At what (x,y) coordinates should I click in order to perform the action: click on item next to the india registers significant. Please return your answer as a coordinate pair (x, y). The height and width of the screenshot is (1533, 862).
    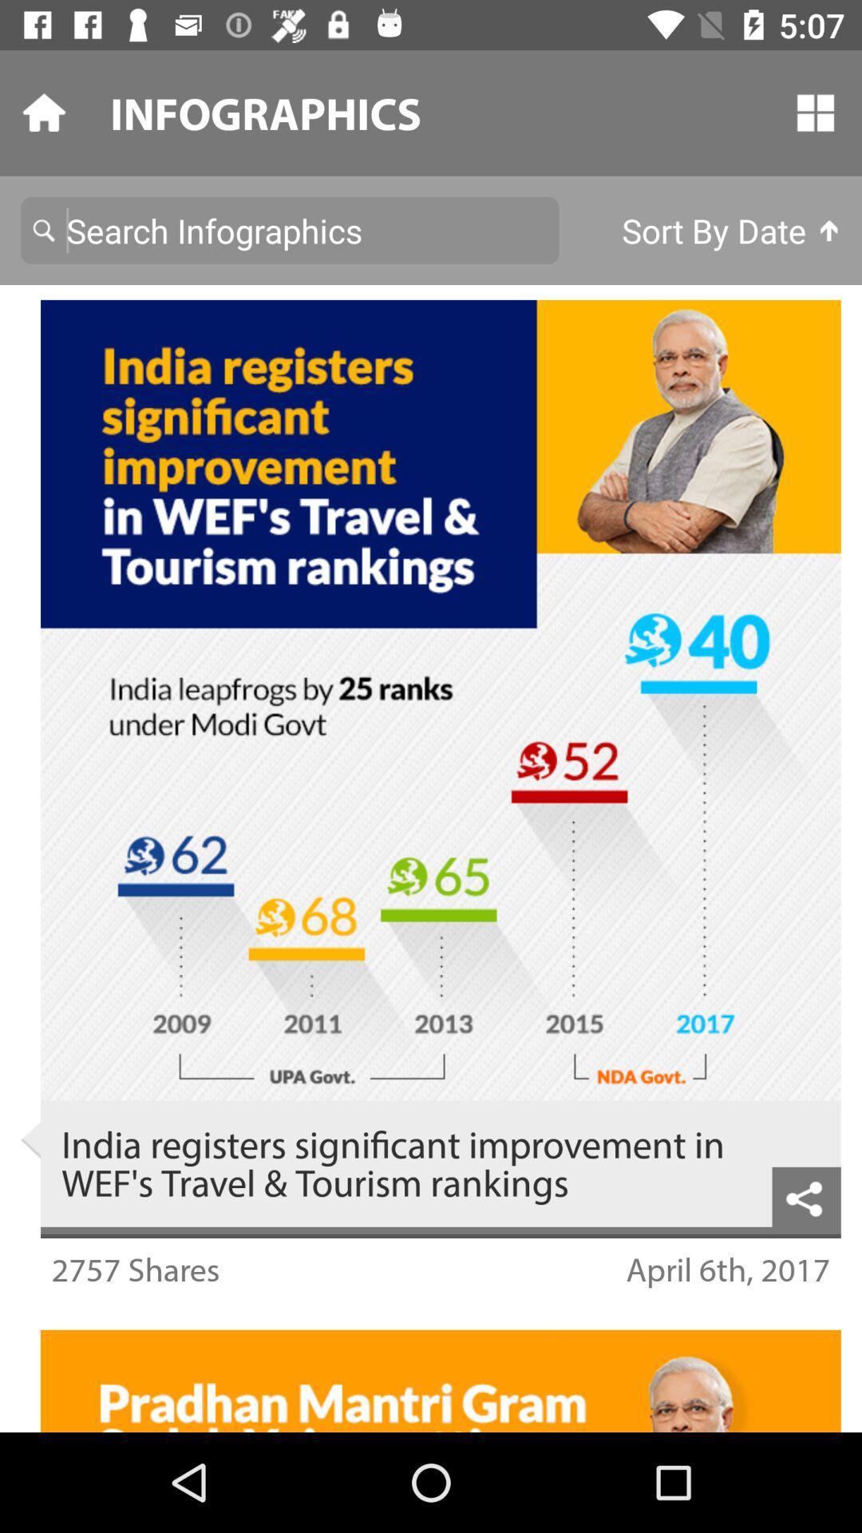
    Looking at the image, I should click on (30, 1139).